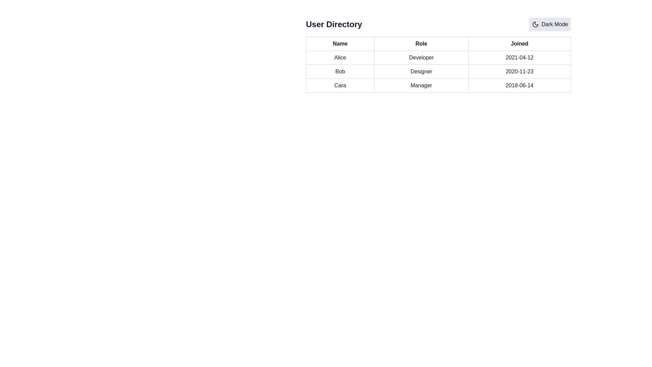  Describe the element at coordinates (519, 57) in the screenshot. I see `the text display showing the date '2021-04-12' for the user 'Alice' in the role 'Developer', located in the third and rightmost column of the table` at that location.